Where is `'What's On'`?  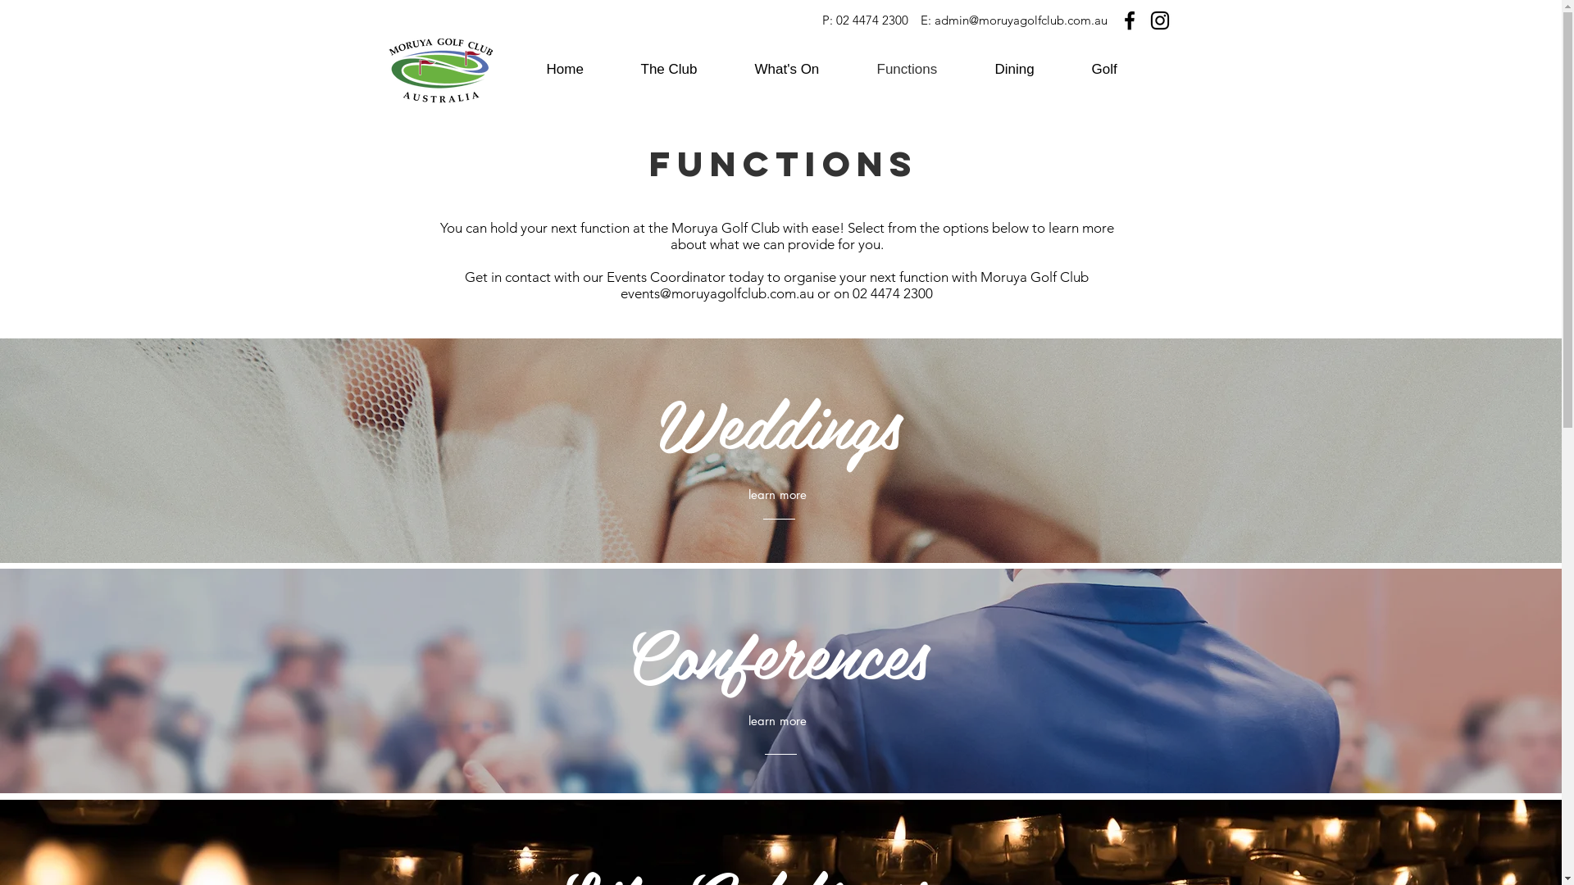
'What's On' is located at coordinates (803, 68).